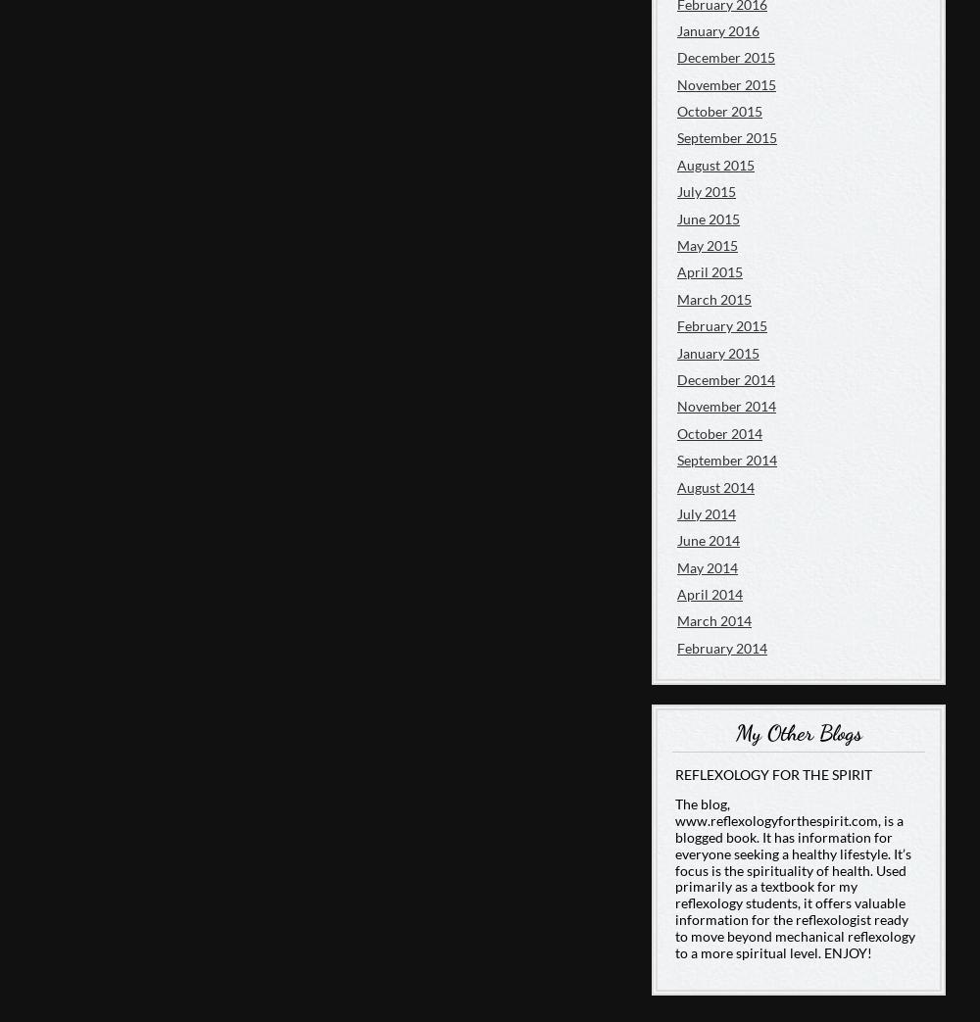 The image size is (980, 1022). What do you see at coordinates (676, 378) in the screenshot?
I see `'December 2014'` at bounding box center [676, 378].